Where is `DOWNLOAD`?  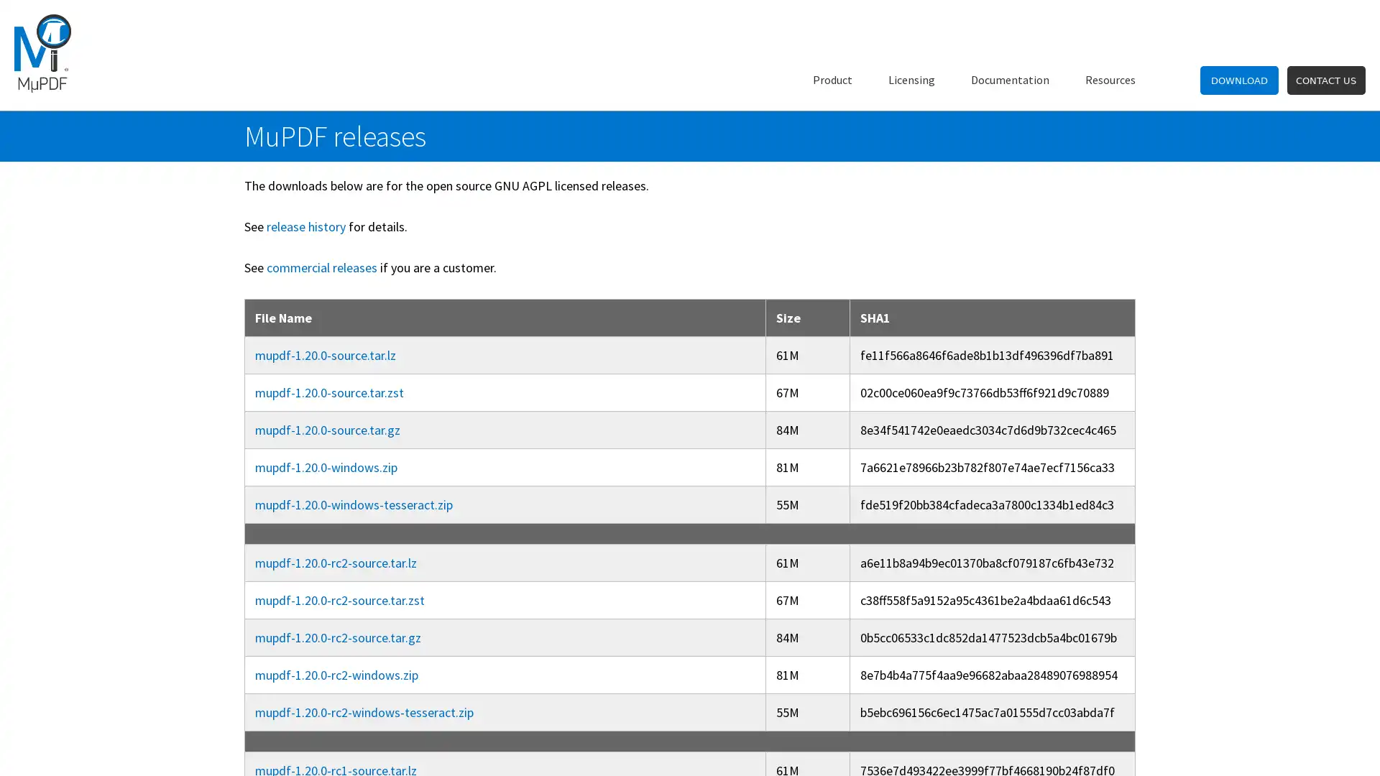 DOWNLOAD is located at coordinates (1238, 80).